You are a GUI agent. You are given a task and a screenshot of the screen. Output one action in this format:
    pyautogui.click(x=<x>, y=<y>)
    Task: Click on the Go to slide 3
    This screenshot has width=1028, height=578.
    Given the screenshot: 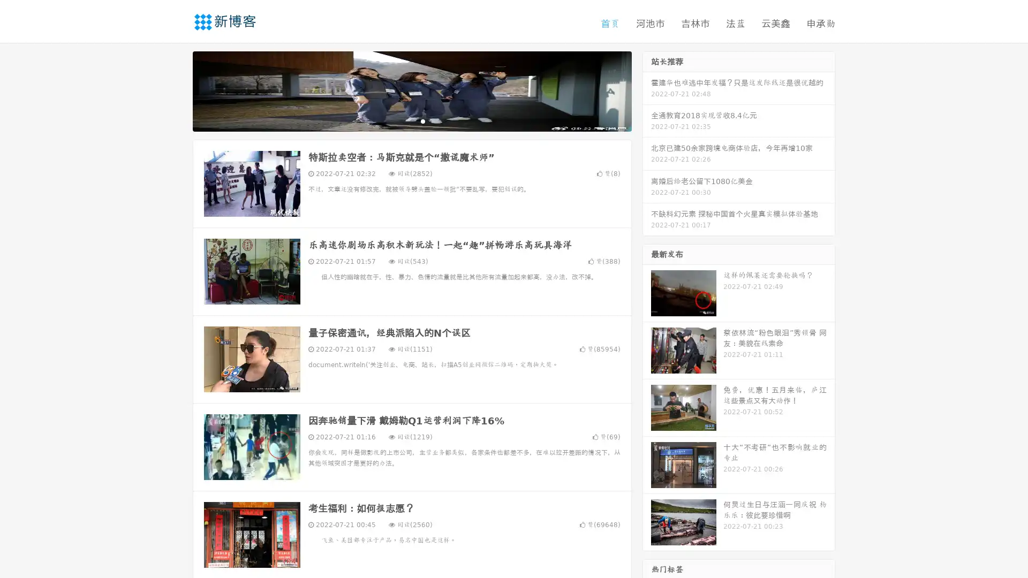 What is the action you would take?
    pyautogui.click(x=422, y=120)
    